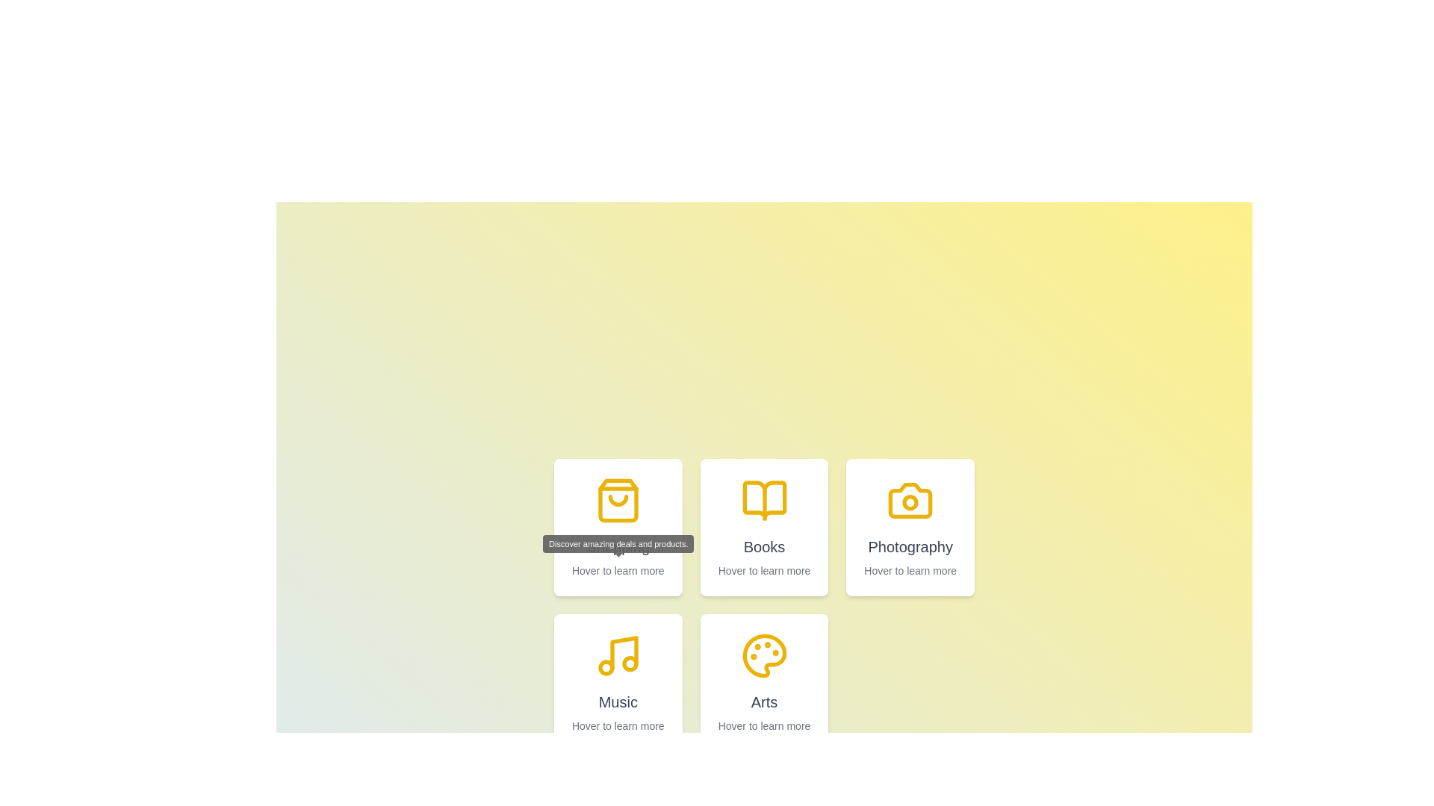 This screenshot has width=1434, height=806. I want to click on the yellow artist's palette icon located centrally above the text 'Arts' in the lower right card of a 2x3 grid, so click(764, 655).